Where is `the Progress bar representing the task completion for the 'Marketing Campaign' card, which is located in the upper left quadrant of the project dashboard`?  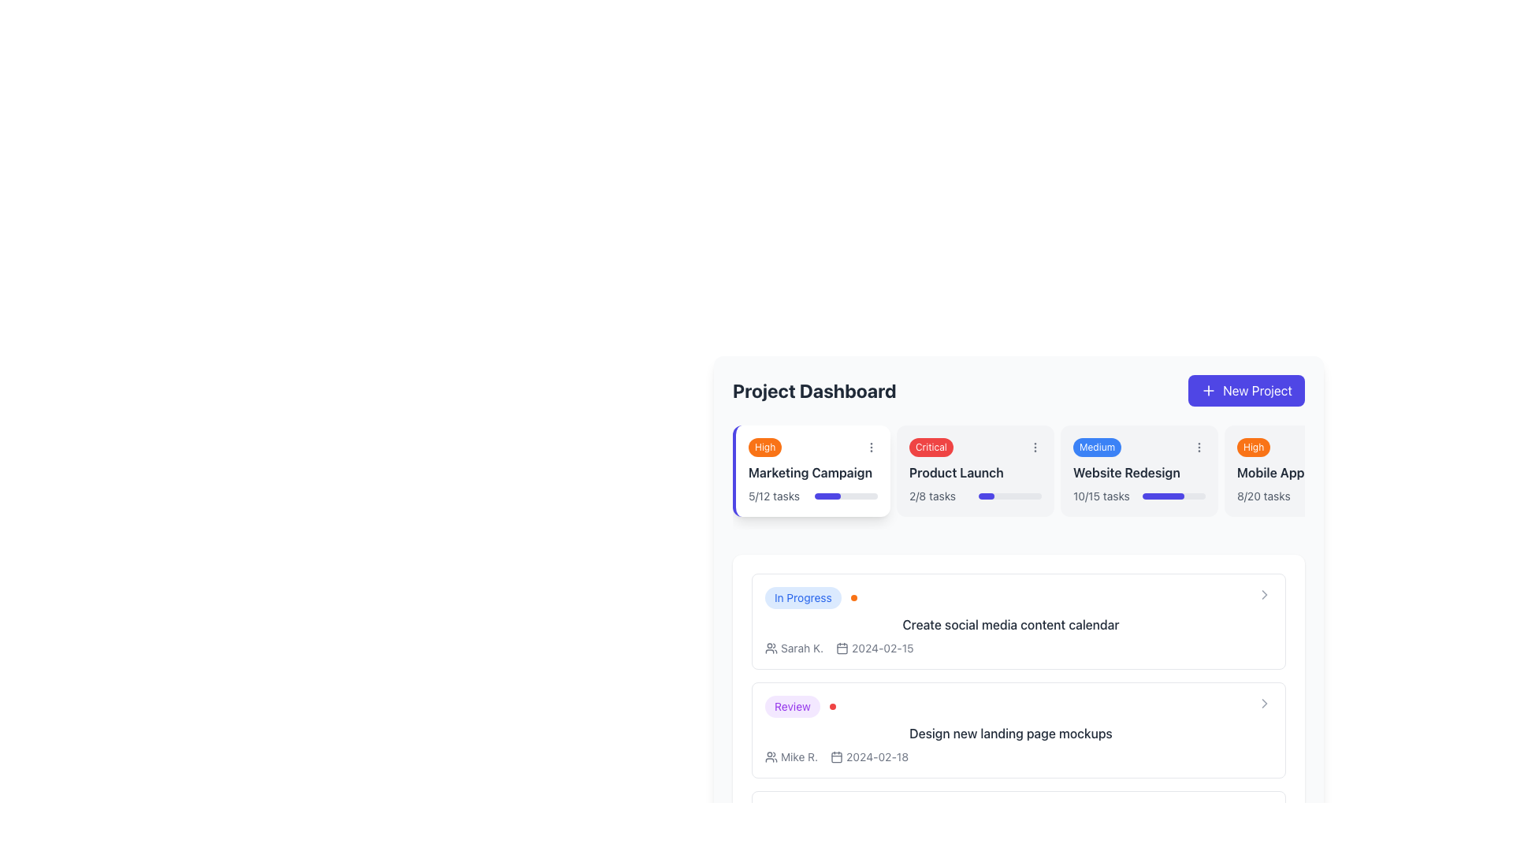
the Progress bar representing the task completion for the 'Marketing Campaign' card, which is located in the upper left quadrant of the project dashboard is located at coordinates (846, 495).